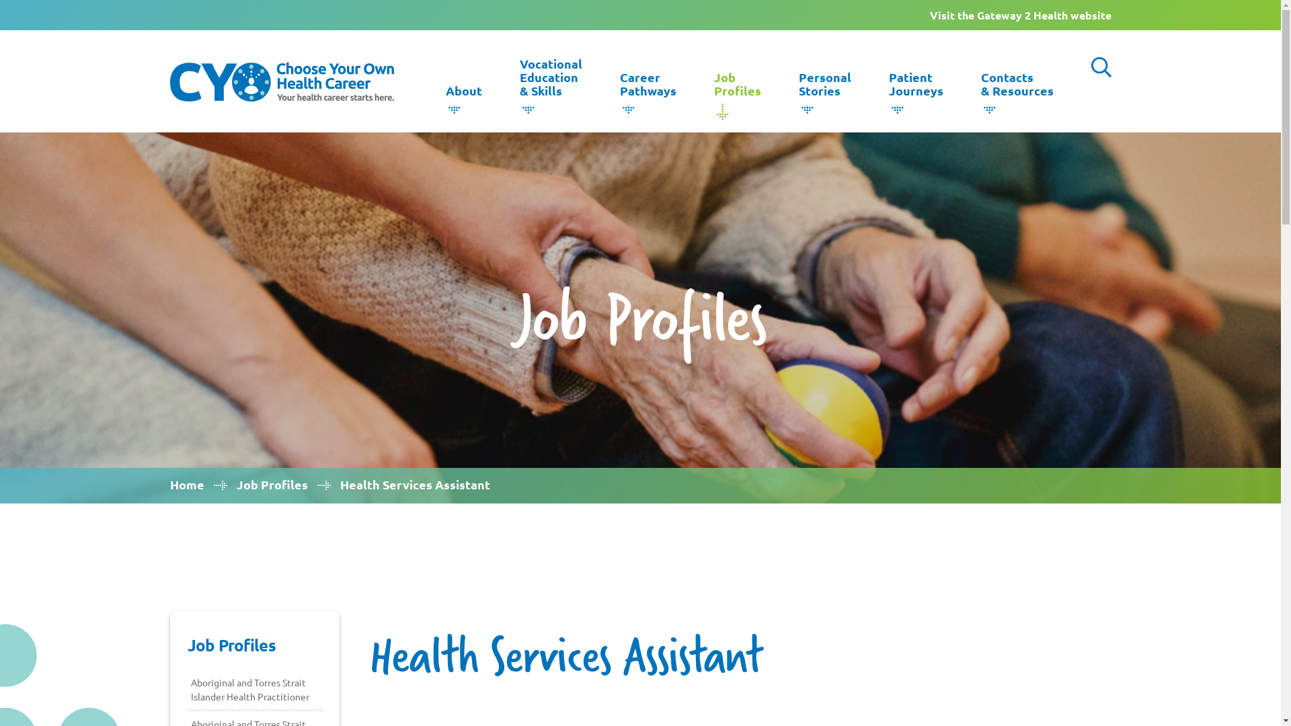 The image size is (1291, 726). I want to click on 'Visit the Gateway 2 Health website', so click(1019, 15).